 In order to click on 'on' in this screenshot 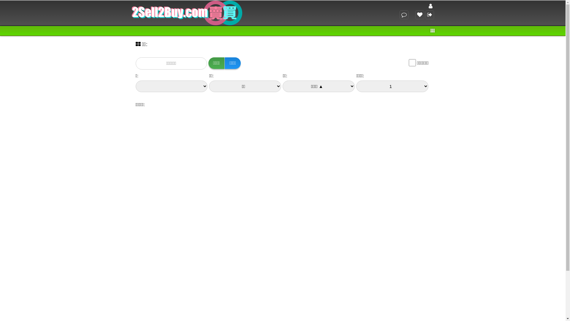, I will do `click(412, 63)`.